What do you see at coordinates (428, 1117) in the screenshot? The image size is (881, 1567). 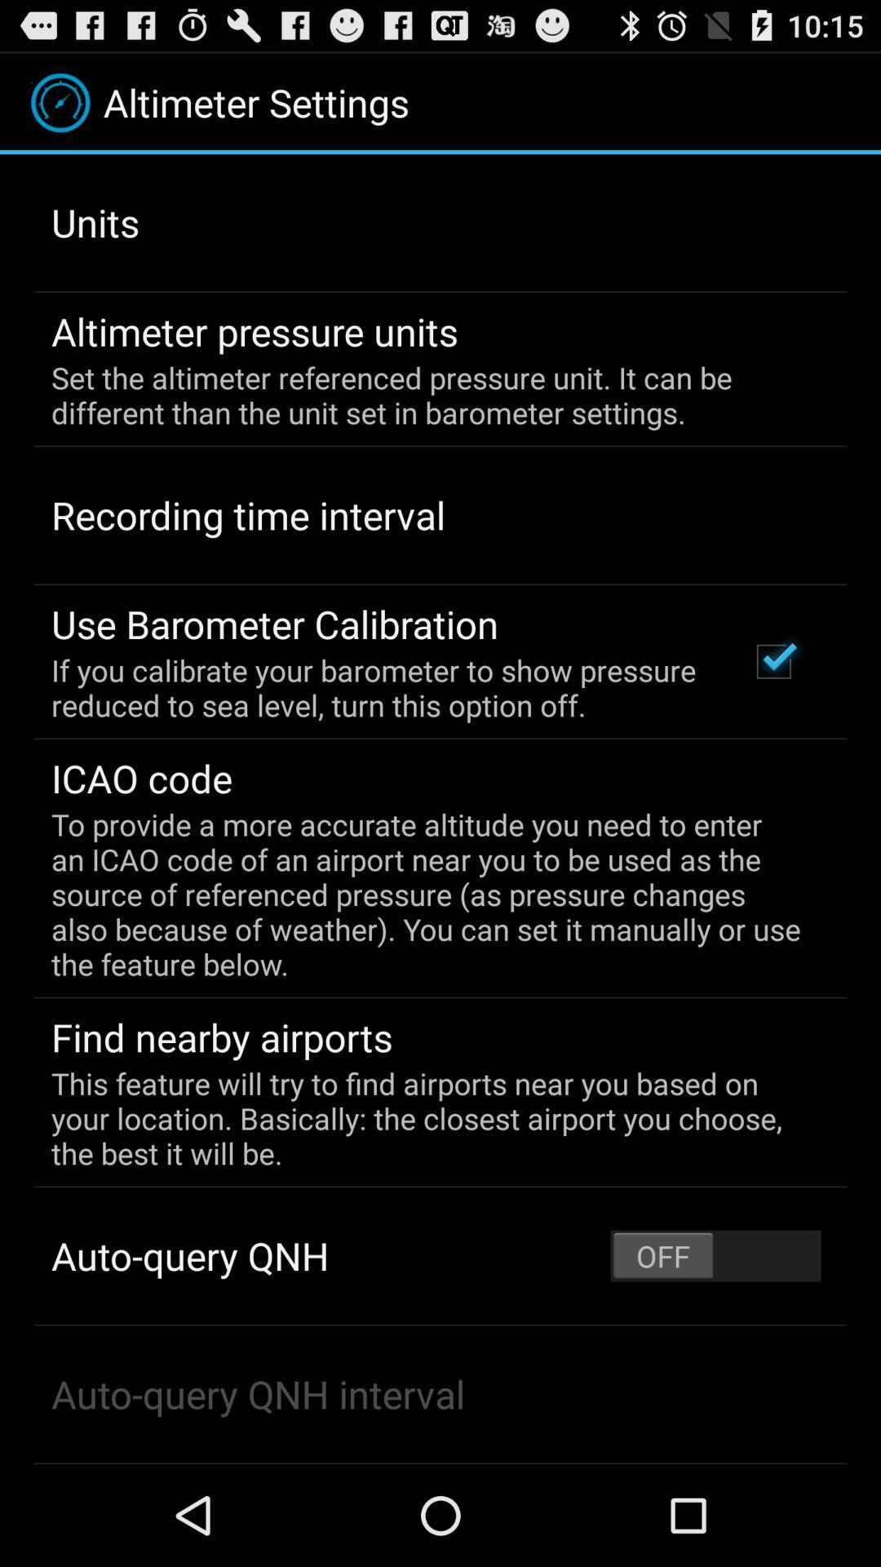 I see `item below the find nearby airports item` at bounding box center [428, 1117].